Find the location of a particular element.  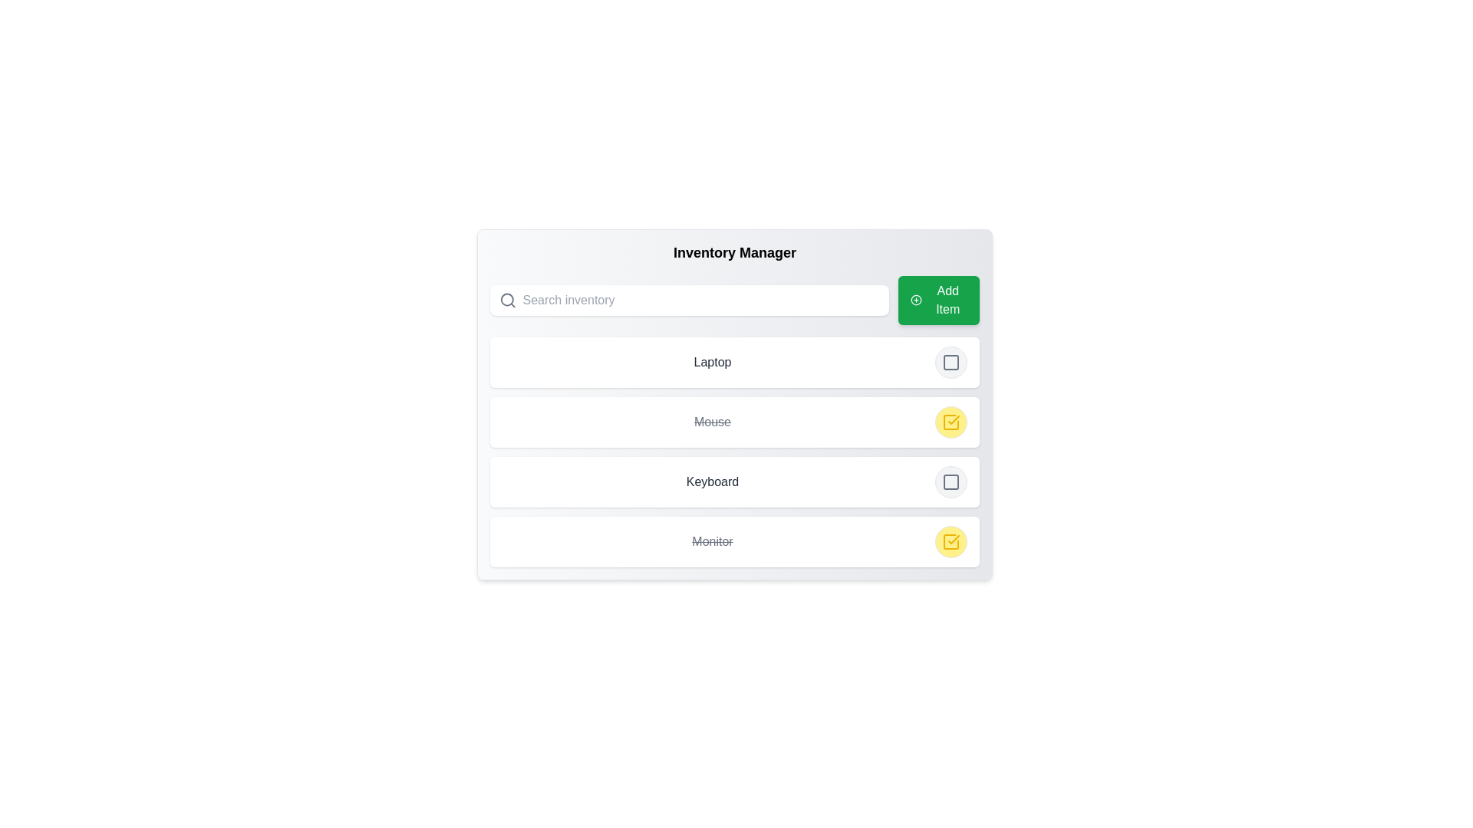

the decorative search icon located at the left end of the search bar, preceding the placeholder text 'Search inventory' is located at coordinates (508, 301).